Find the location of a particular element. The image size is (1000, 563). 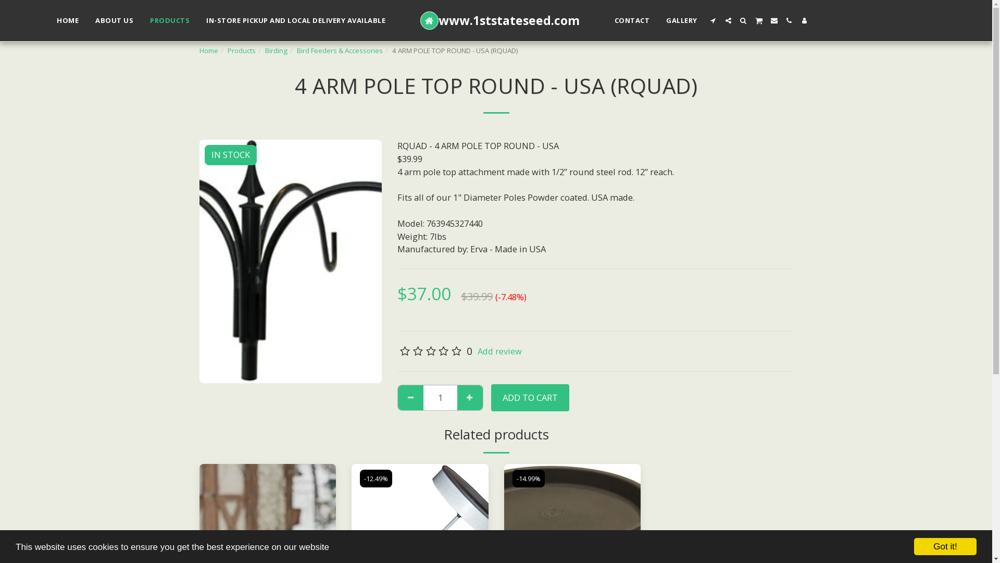

'Products' is located at coordinates (240, 50).